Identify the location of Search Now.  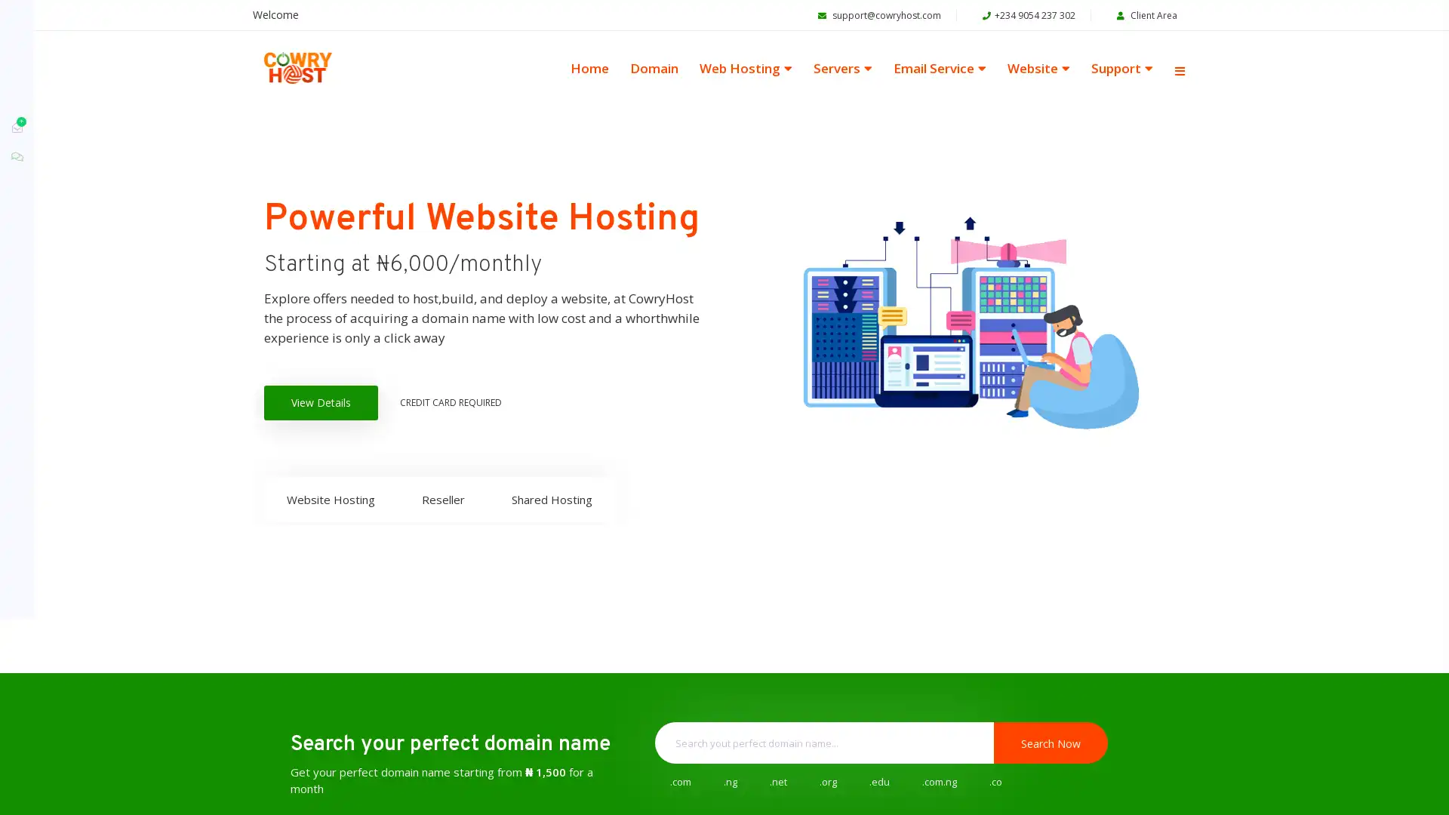
(1050, 751).